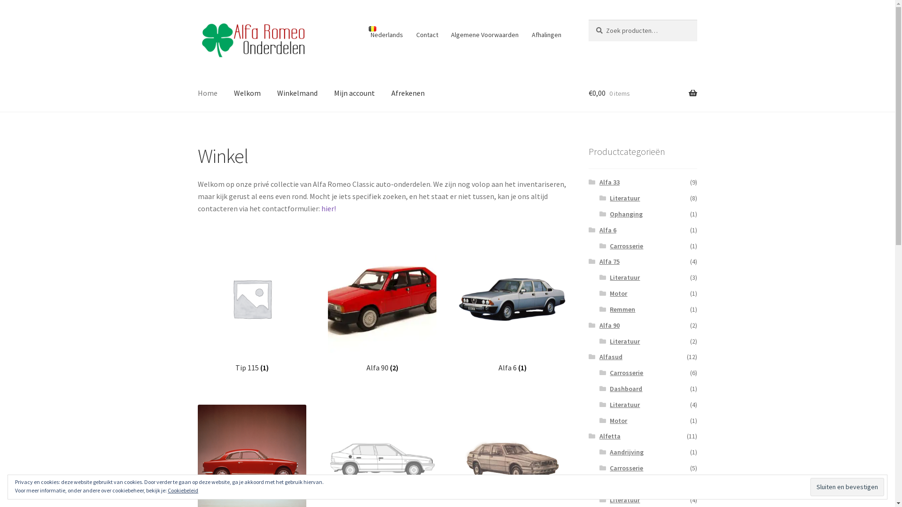 This screenshot has height=507, width=902. Describe the element at coordinates (588, 19) in the screenshot. I see `'Zoeken'` at that location.